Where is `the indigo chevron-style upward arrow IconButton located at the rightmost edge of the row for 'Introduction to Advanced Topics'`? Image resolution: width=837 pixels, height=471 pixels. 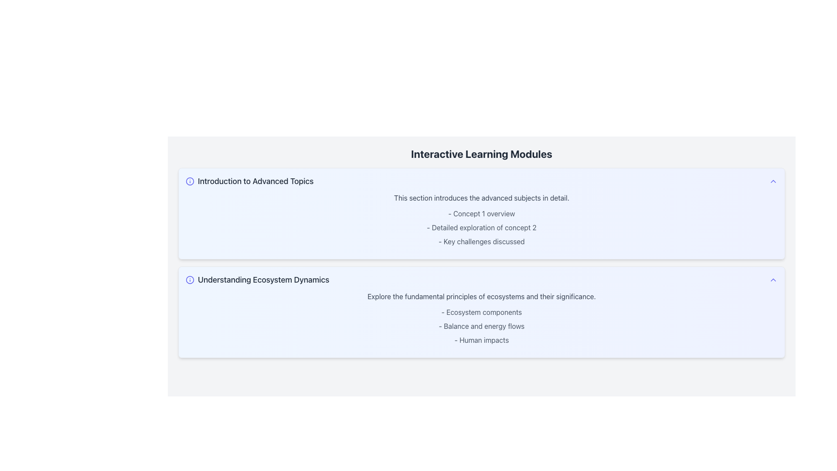
the indigo chevron-style upward arrow IconButton located at the rightmost edge of the row for 'Introduction to Advanced Topics' is located at coordinates (773, 181).